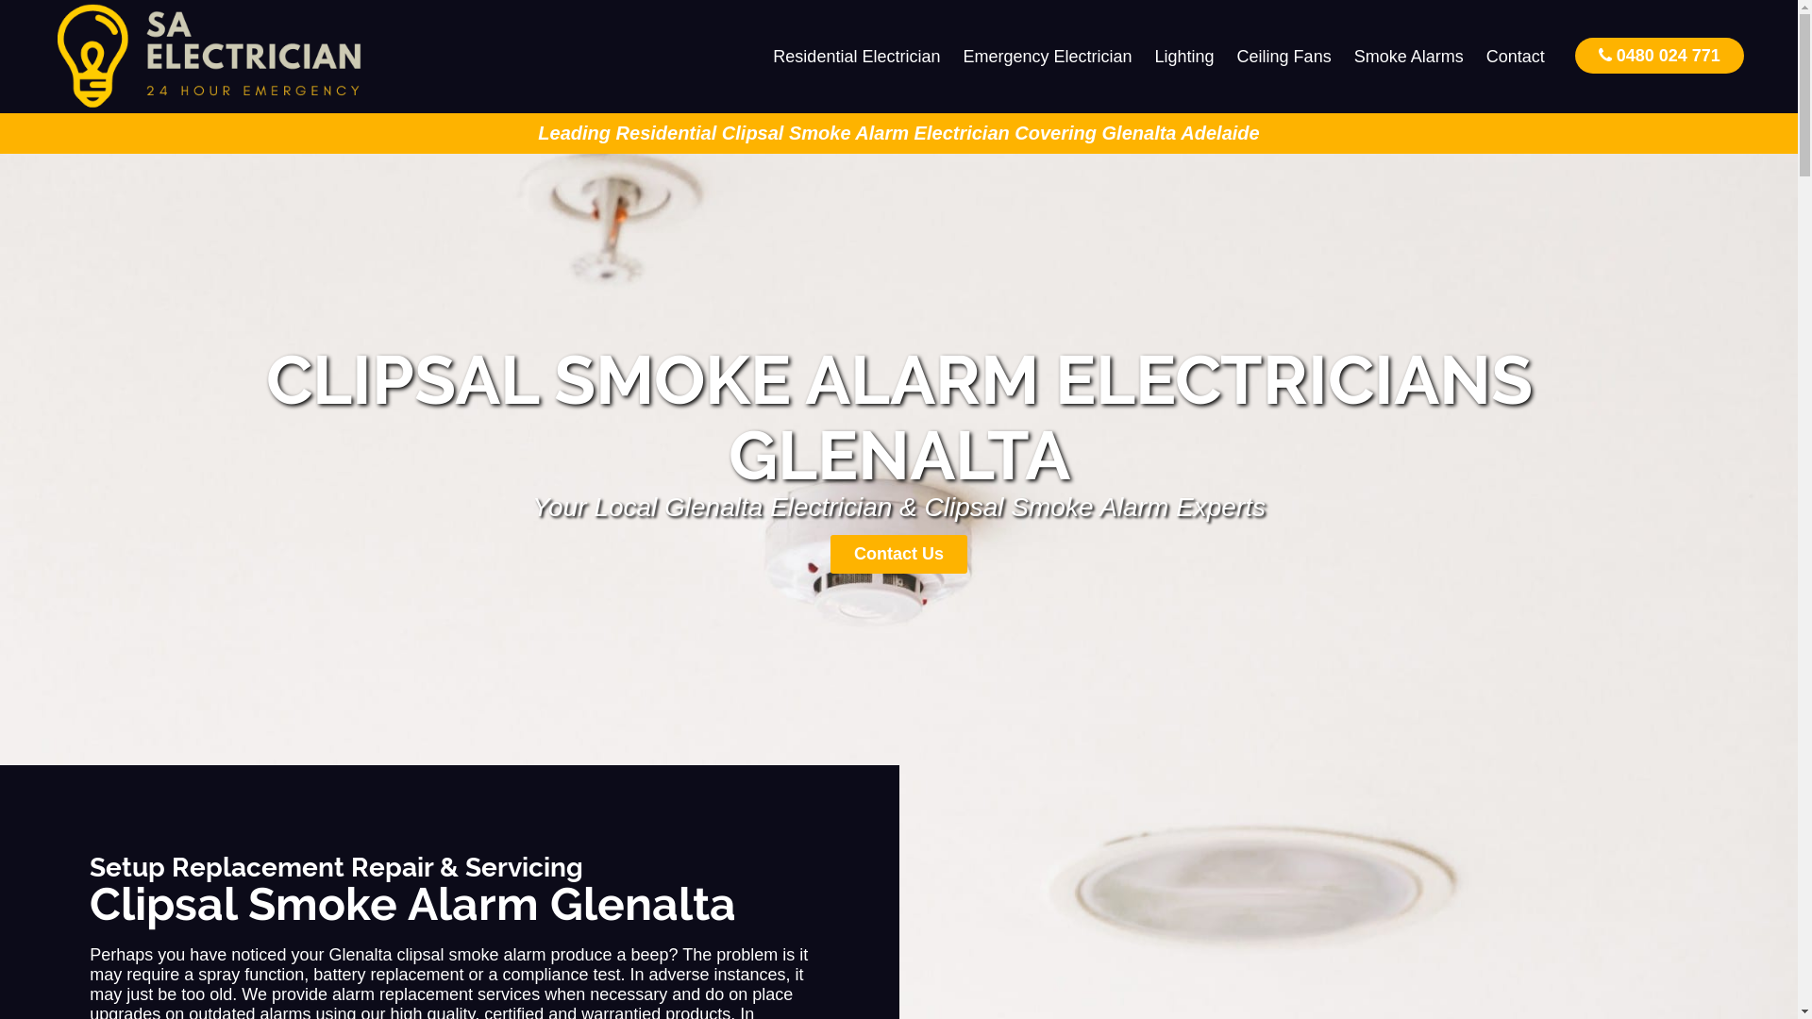  What do you see at coordinates (1575, 54) in the screenshot?
I see `'0480 024 771'` at bounding box center [1575, 54].